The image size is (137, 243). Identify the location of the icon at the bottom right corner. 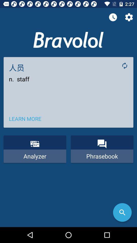
(122, 212).